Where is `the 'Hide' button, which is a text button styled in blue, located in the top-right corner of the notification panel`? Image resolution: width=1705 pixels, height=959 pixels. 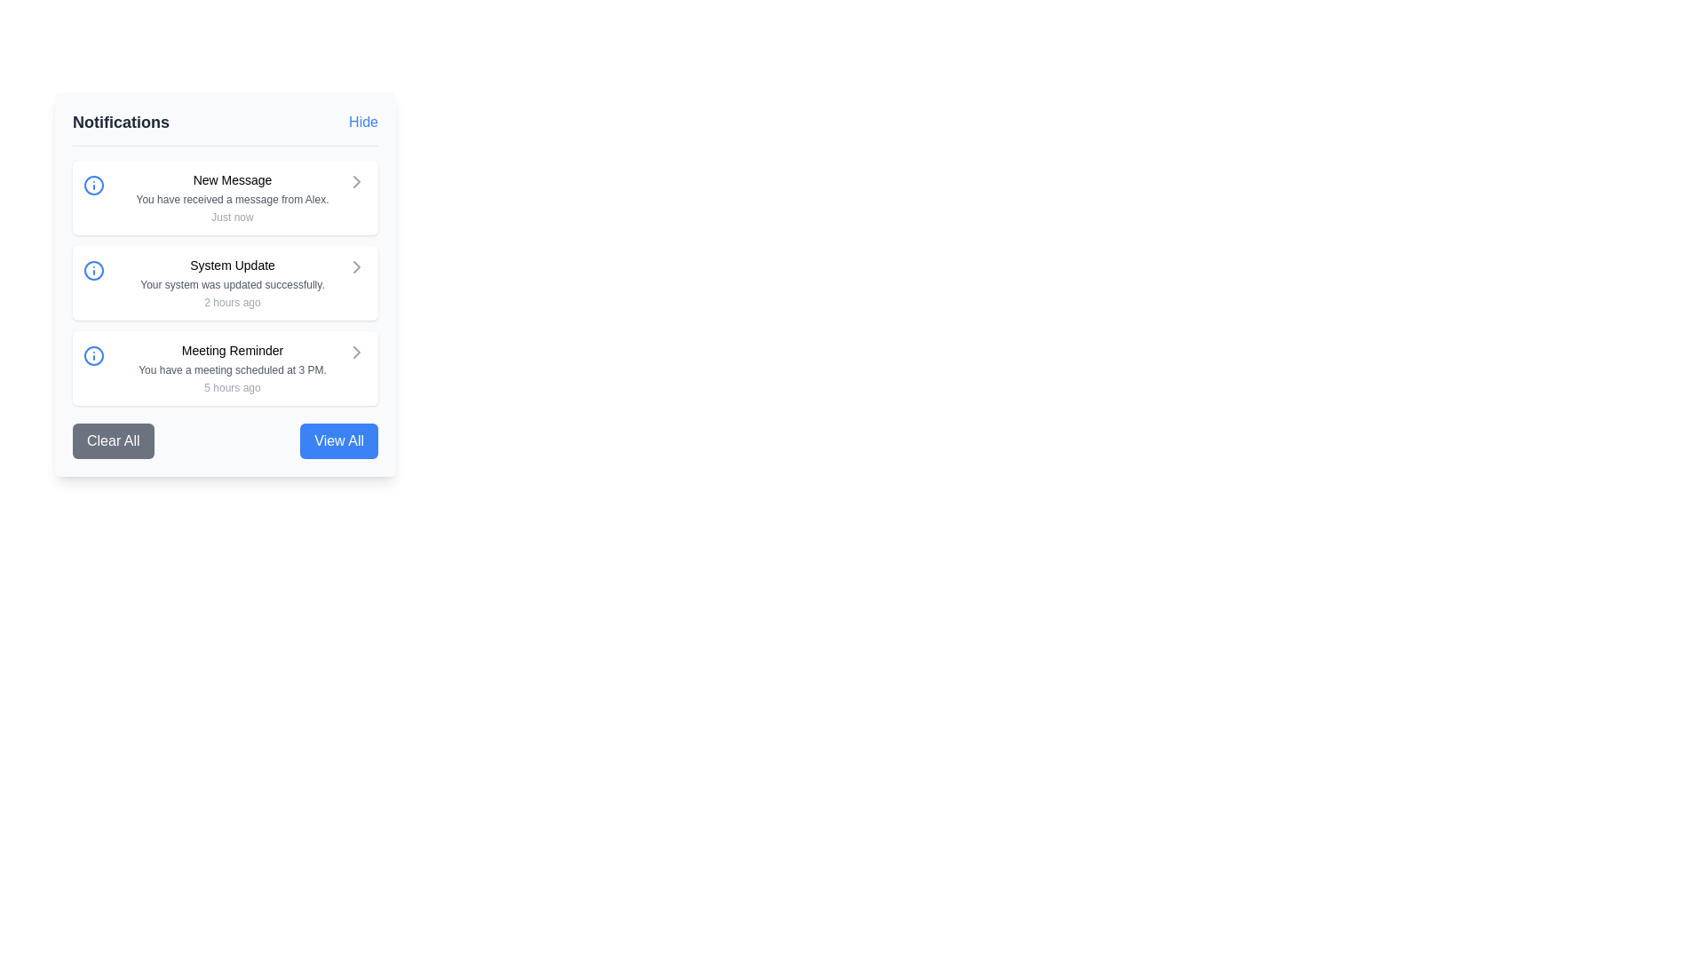 the 'Hide' button, which is a text button styled in blue, located in the top-right corner of the notification panel is located at coordinates (362, 122).